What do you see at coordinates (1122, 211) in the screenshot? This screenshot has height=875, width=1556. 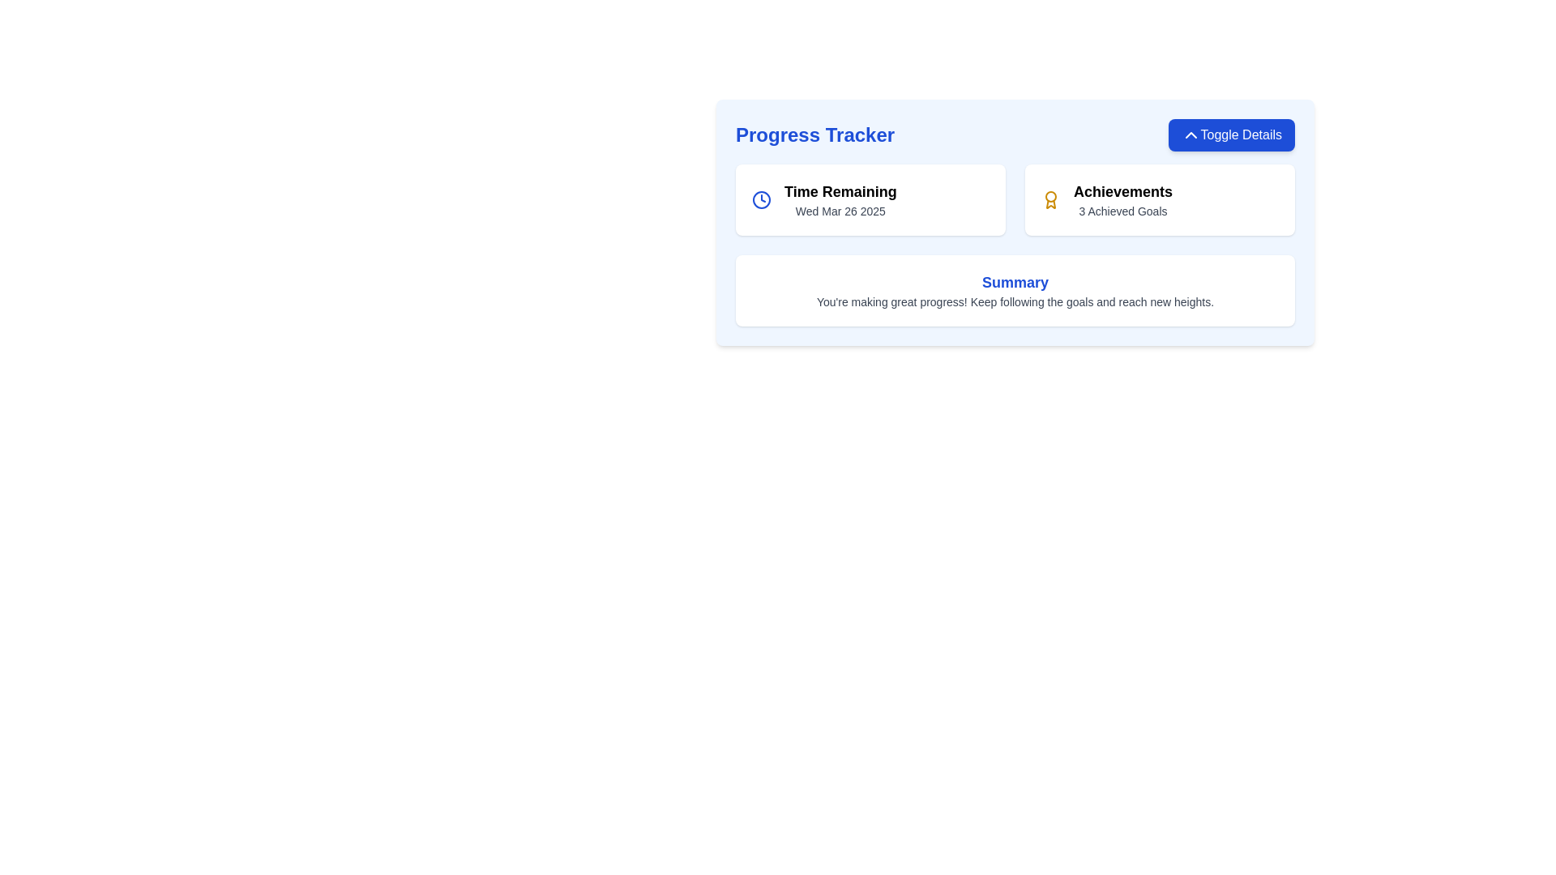 I see `the non-interactive label displaying a summary of completed goals, located directly below the 'Achievements' title in the card section on the top-right of the interface` at bounding box center [1122, 211].